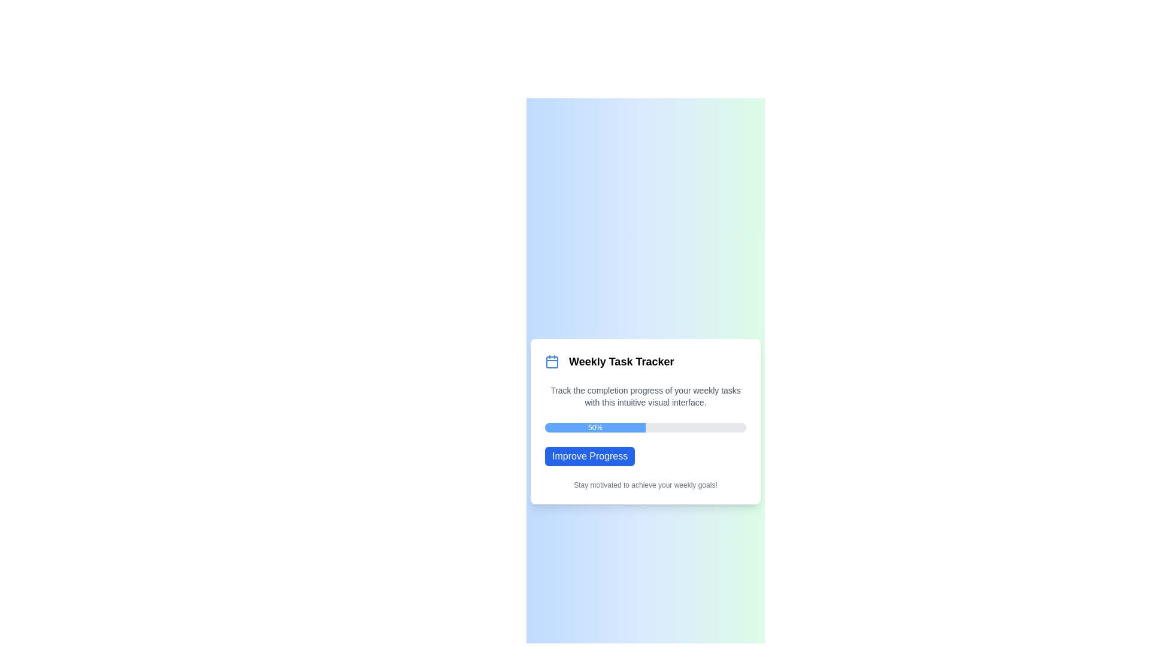  What do you see at coordinates (645, 397) in the screenshot?
I see `the textual description in fine gray font that provides an overview of the dashboard's purpose, located beneath the title 'Weekly Task Tracker' and above the progress bar` at bounding box center [645, 397].